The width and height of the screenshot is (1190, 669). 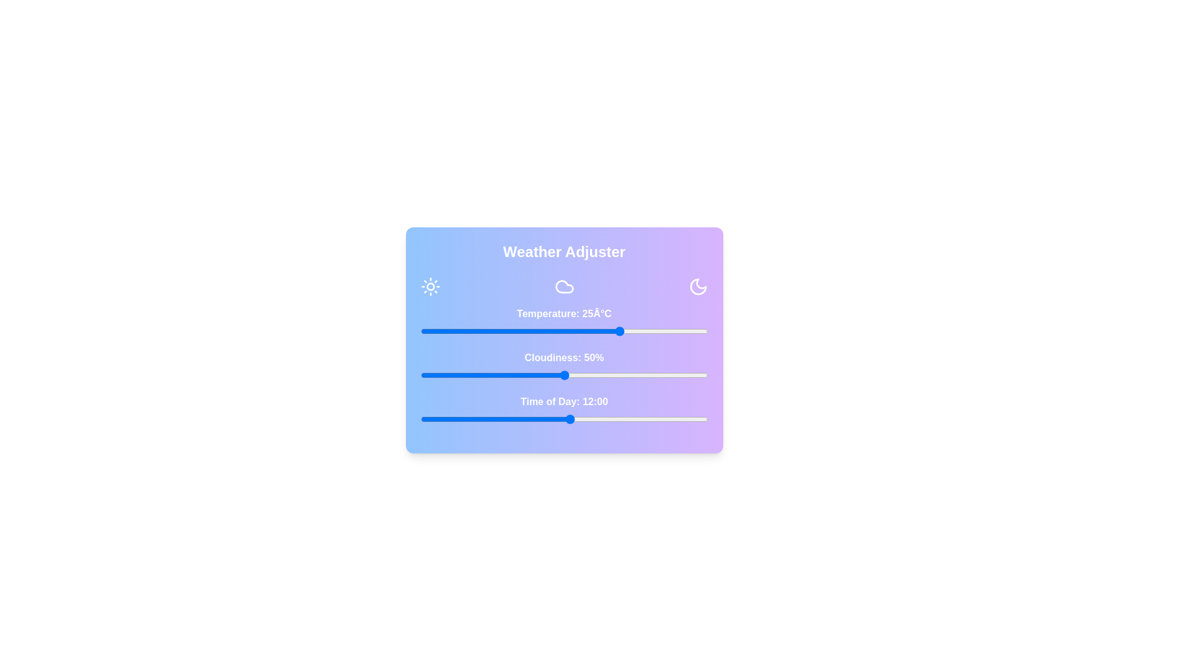 What do you see at coordinates (563, 286) in the screenshot?
I see `the cloud-shaped icon representing cloudiness, which is located between the sun icon on the left and the moon icon on the right` at bounding box center [563, 286].